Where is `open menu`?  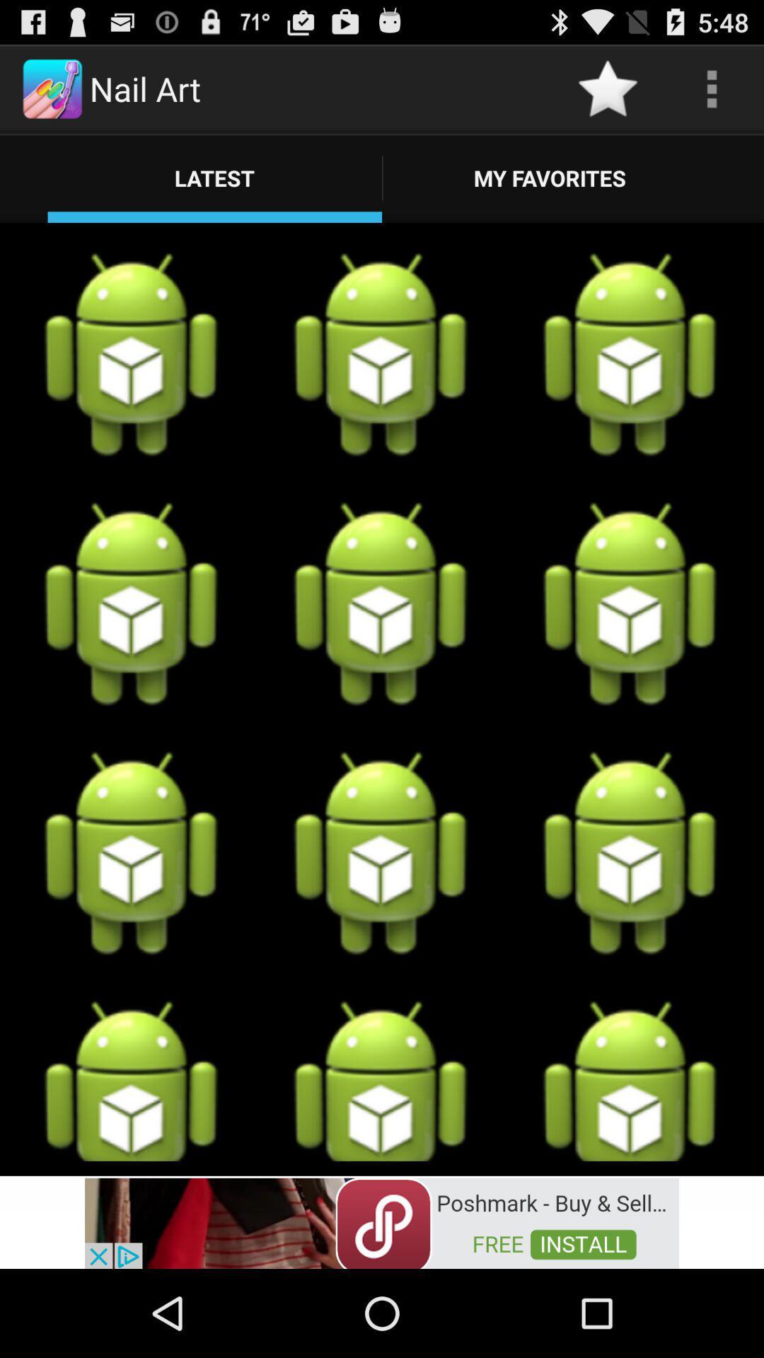 open menu is located at coordinates (712, 88).